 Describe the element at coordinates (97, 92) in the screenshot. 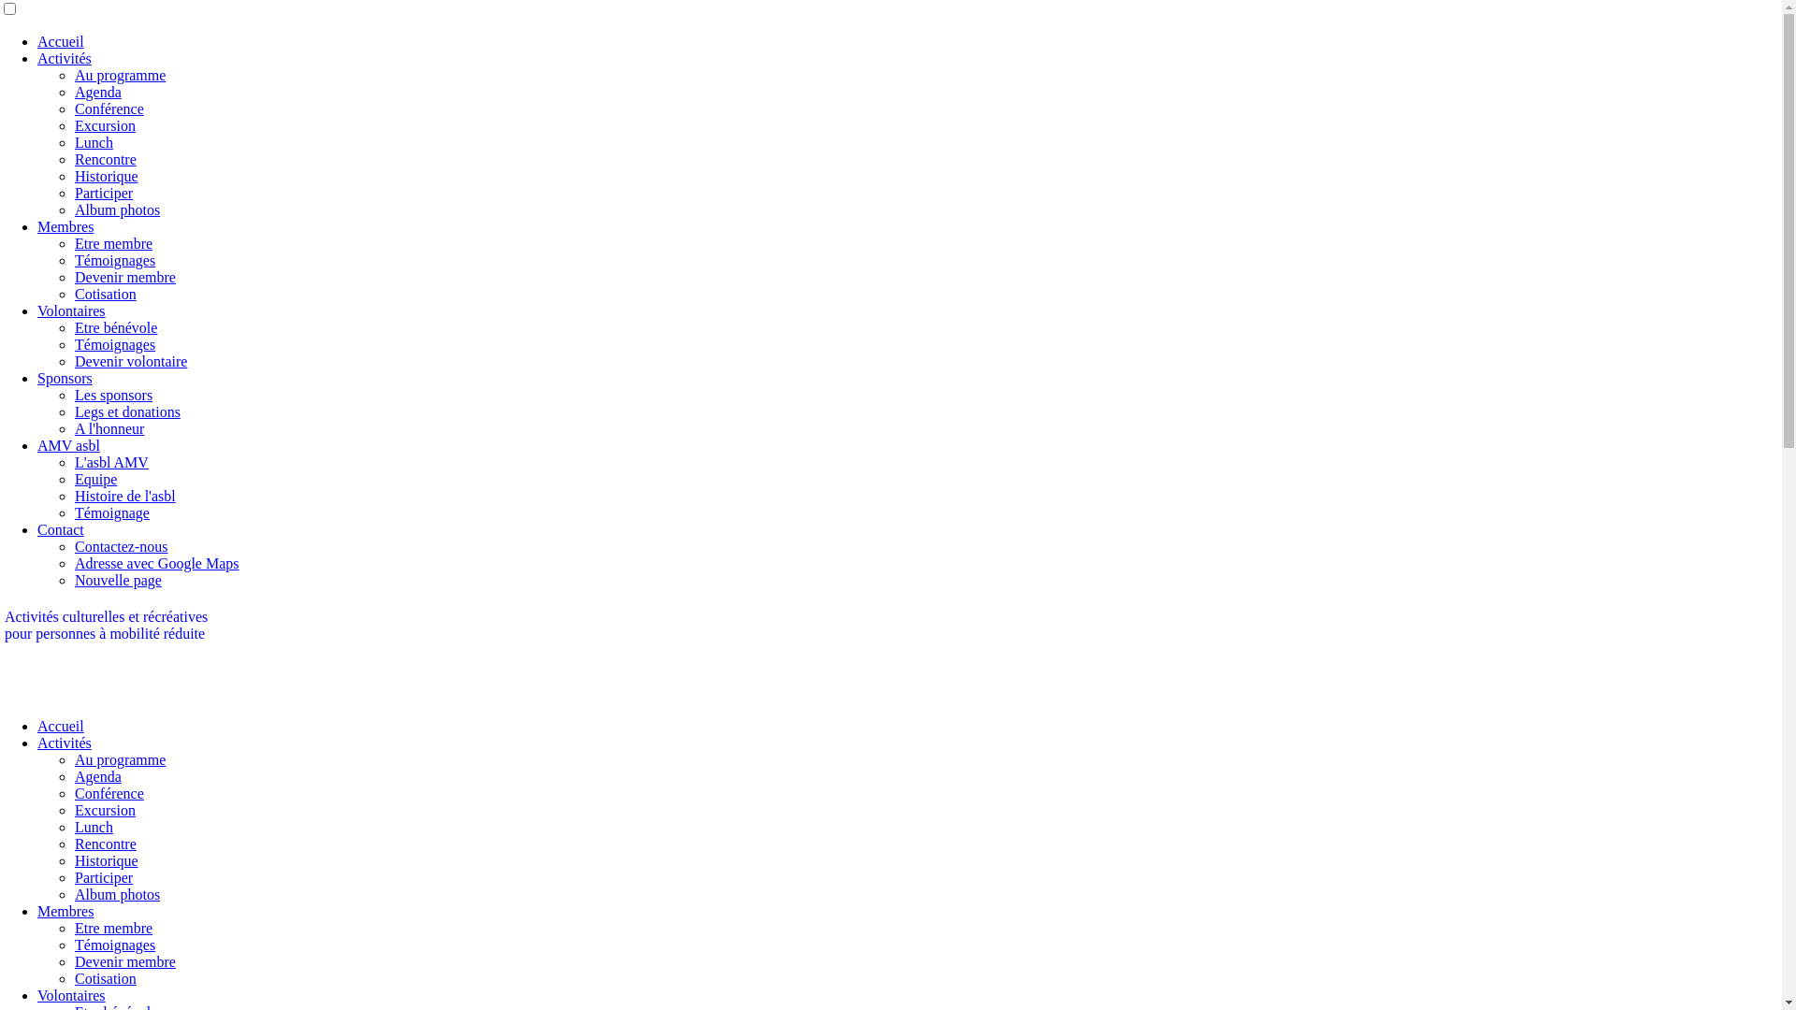

I see `'Agenda'` at that location.